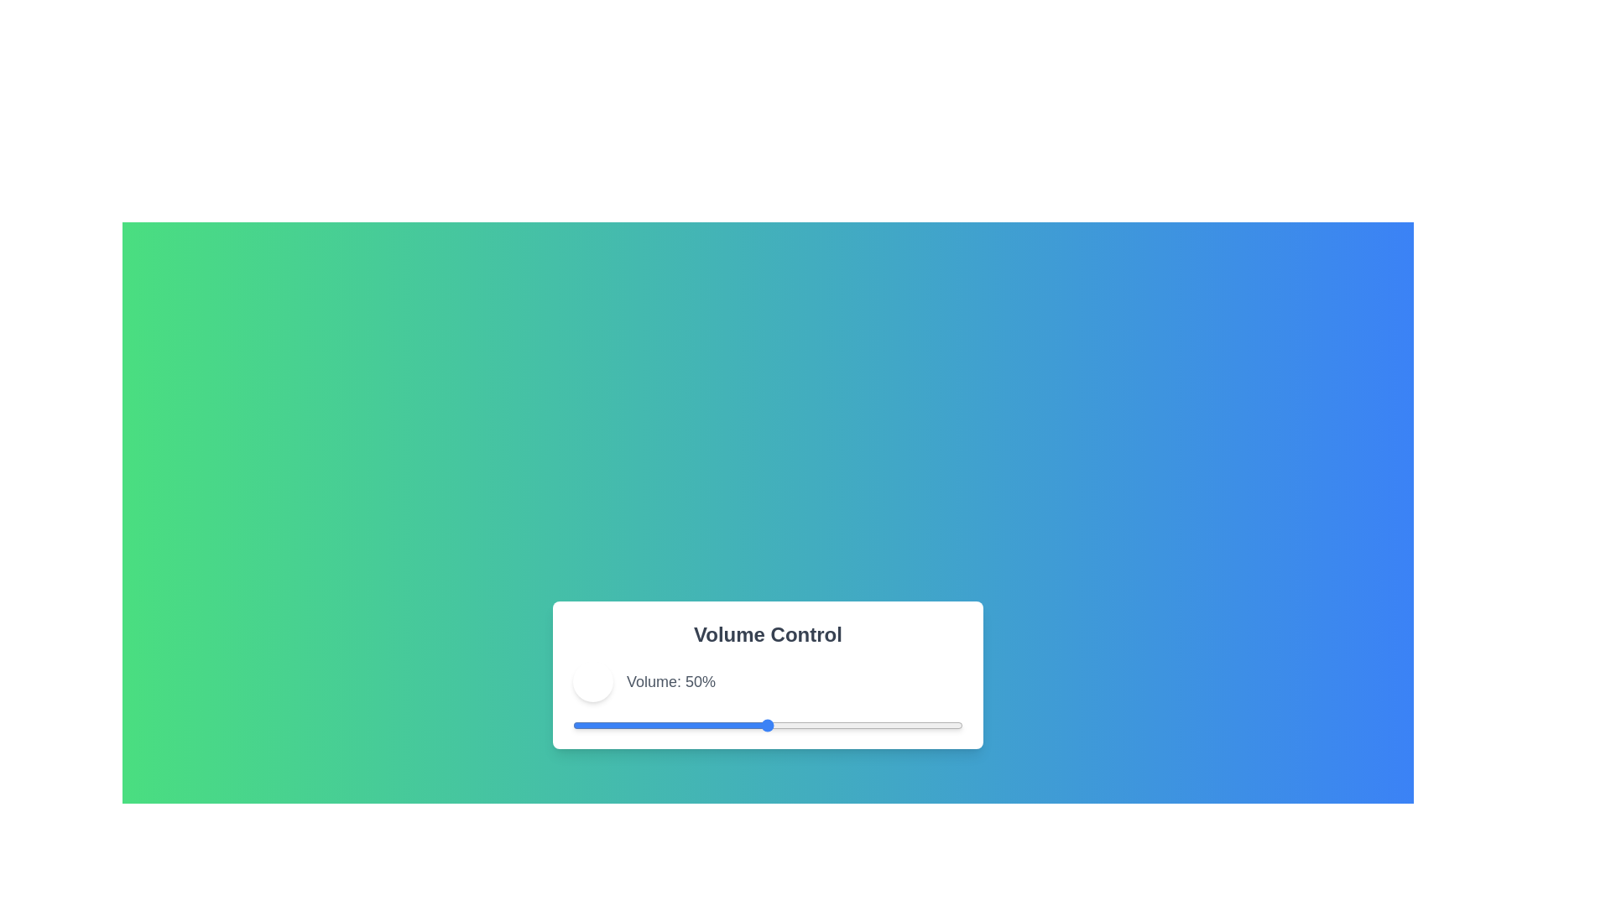 The height and width of the screenshot is (906, 1611). I want to click on the slider, so click(846, 724).